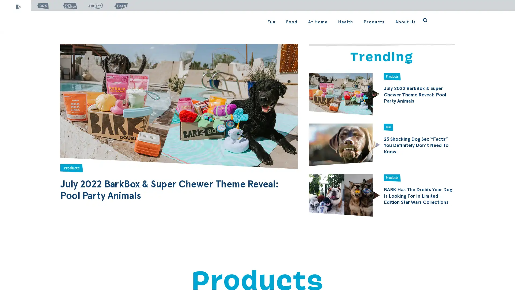 The width and height of the screenshot is (515, 290). I want to click on Close, so click(318, 77).